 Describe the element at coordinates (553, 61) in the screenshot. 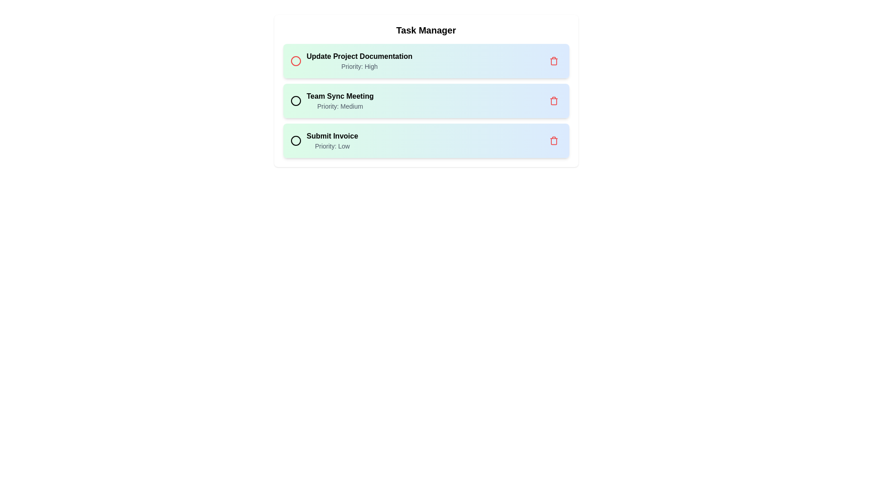

I see `the delete icon for the task with title 'Update Project Documentation'` at that location.